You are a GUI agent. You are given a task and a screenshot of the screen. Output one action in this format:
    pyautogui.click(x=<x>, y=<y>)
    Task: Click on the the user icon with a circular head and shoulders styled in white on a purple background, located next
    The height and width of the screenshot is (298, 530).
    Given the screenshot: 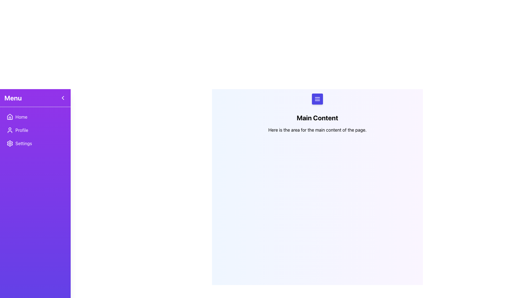 What is the action you would take?
    pyautogui.click(x=10, y=130)
    